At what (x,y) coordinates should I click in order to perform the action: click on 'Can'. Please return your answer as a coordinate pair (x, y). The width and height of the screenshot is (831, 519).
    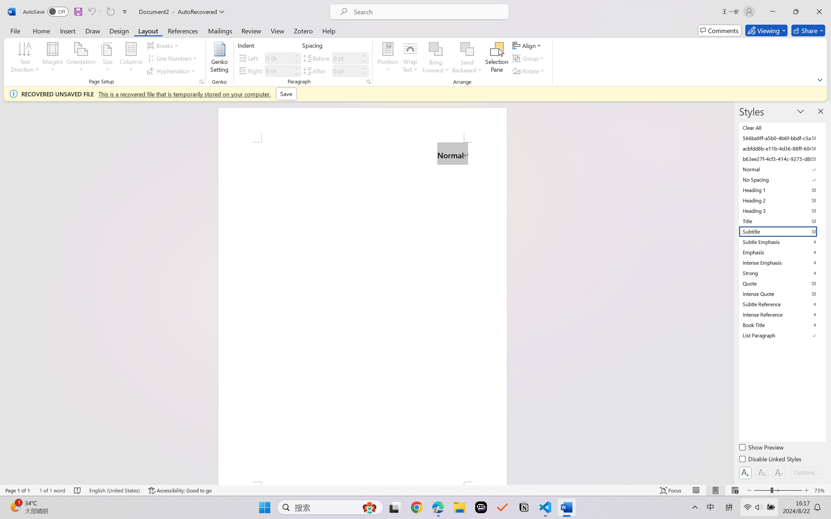
    Looking at the image, I should click on (110, 11).